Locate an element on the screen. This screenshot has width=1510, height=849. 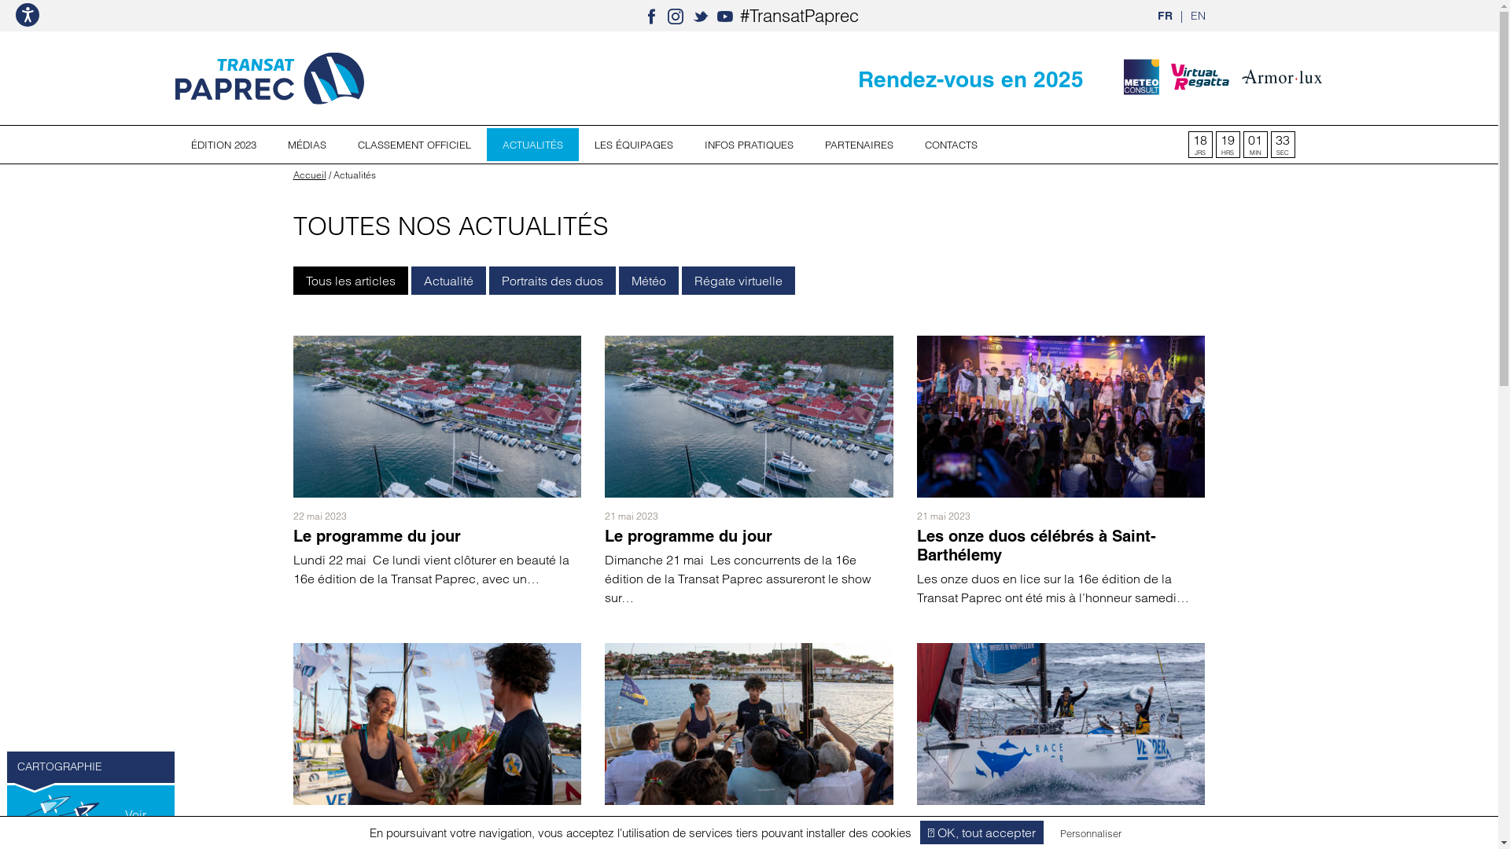
'Tous les articles' is located at coordinates (349, 280).